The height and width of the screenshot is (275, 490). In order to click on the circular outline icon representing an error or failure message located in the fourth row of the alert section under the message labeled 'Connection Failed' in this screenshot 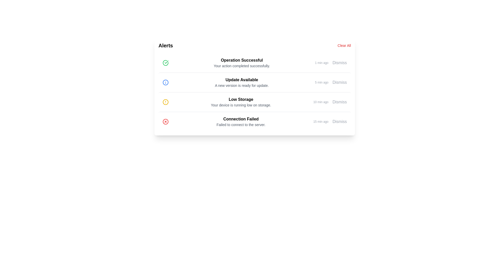, I will do `click(165, 122)`.